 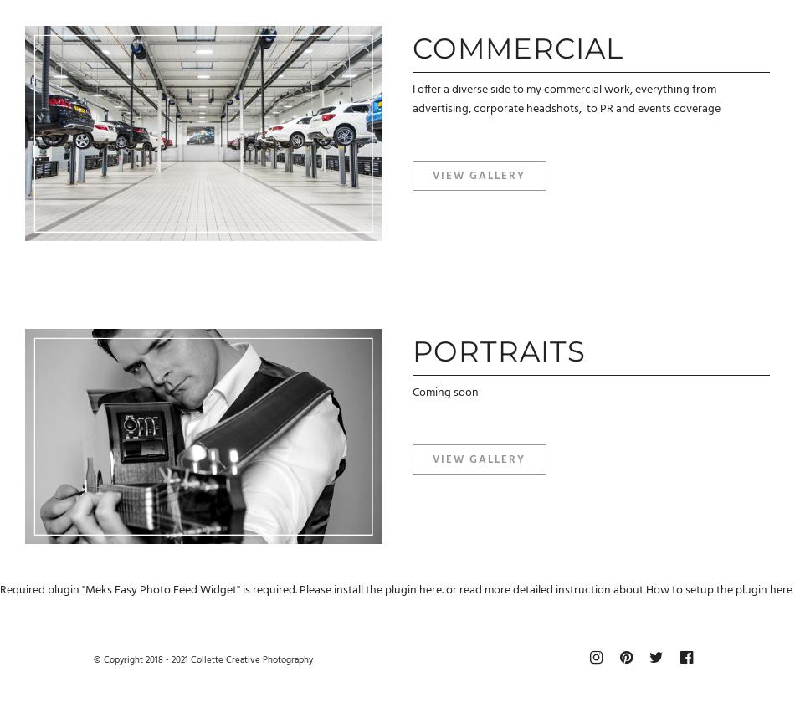 What do you see at coordinates (566, 99) in the screenshot?
I see `'I offer a diverse side to my commercial work, everything from advertising, corporate headshots,  to PR and events coverage'` at bounding box center [566, 99].